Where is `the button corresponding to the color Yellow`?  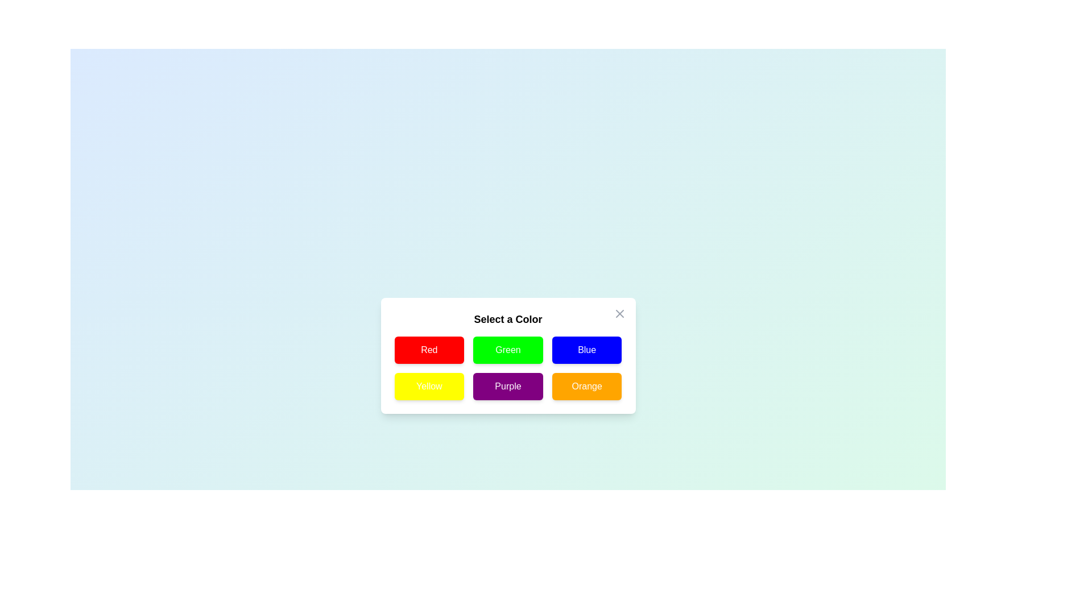
the button corresponding to the color Yellow is located at coordinates (428, 385).